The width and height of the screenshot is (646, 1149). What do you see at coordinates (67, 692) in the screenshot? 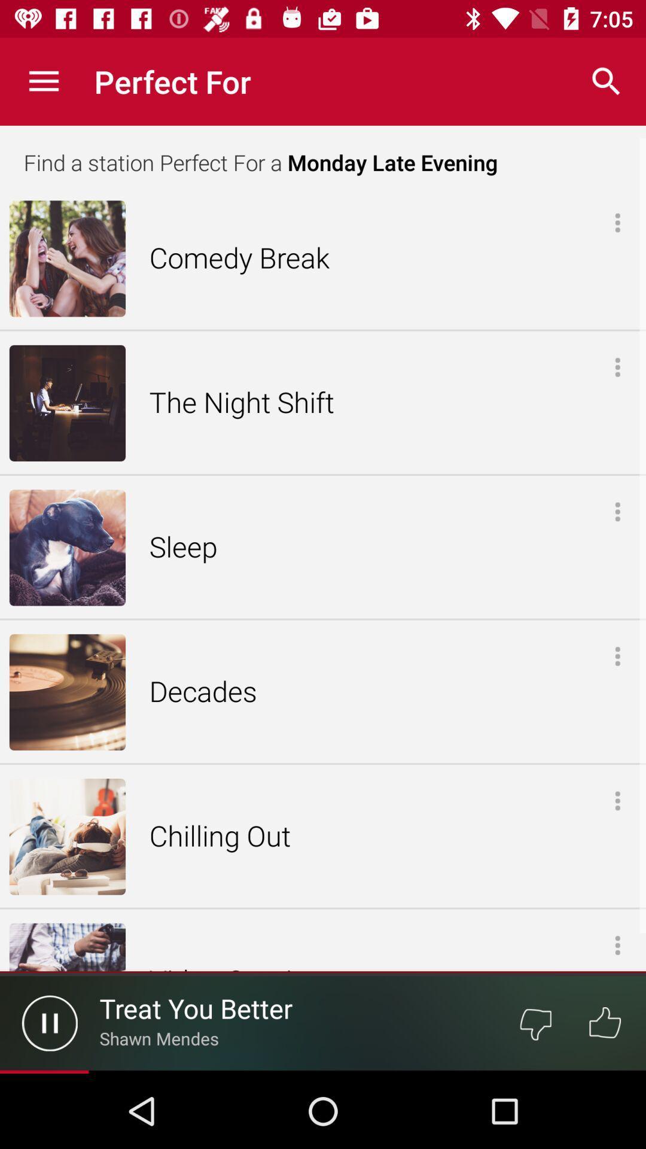
I see `image before decades text` at bounding box center [67, 692].